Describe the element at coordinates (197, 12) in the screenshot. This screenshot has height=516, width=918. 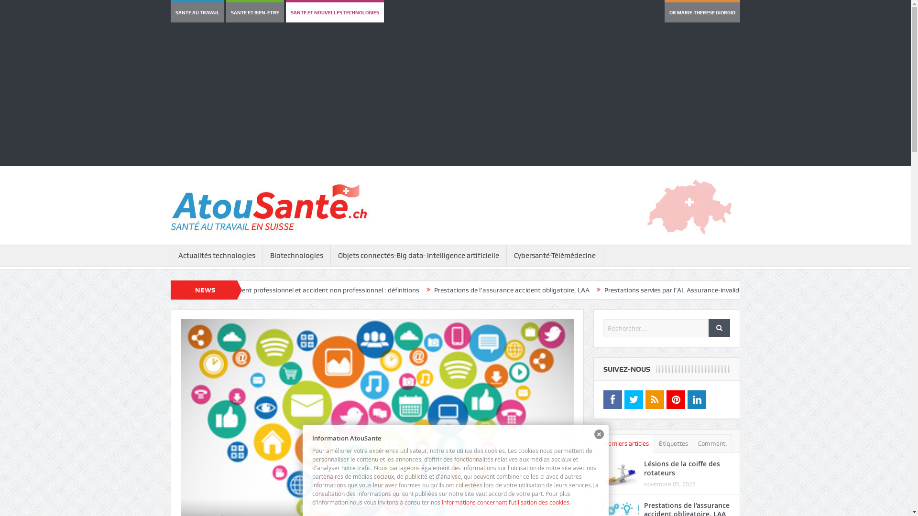
I see `'SANTE AU TRAVAIL'` at that location.